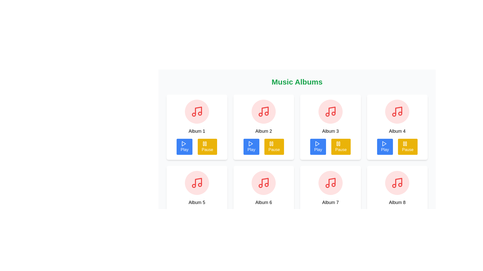 This screenshot has height=271, width=483. Describe the element at coordinates (397, 131) in the screenshot. I see `the text label 'Album 4' which is located beneath the musical note icon and above the 'Play' and 'Pause' buttons in the fourth tile of the first row` at that location.